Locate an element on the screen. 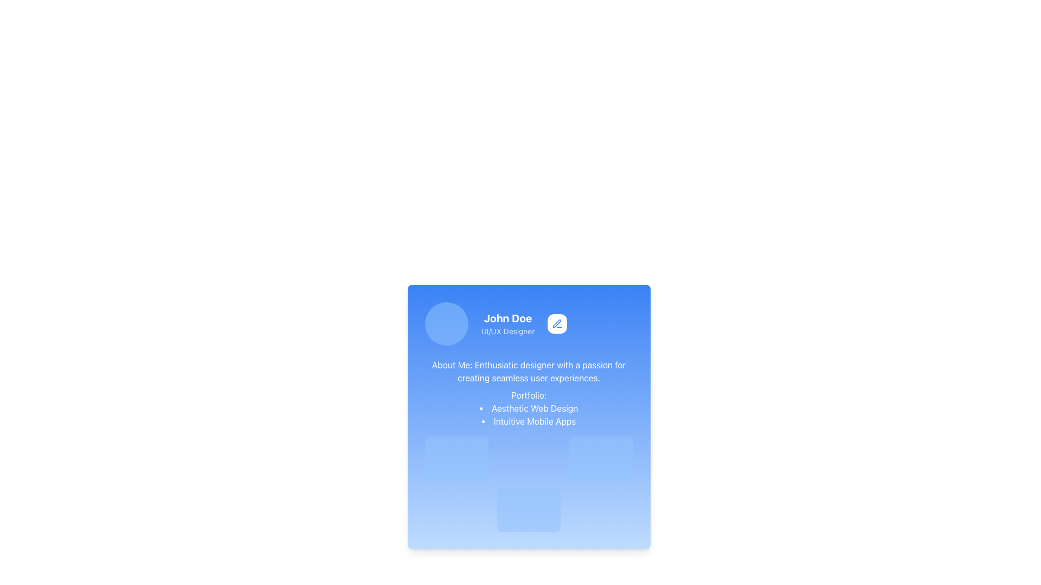 Image resolution: width=1041 pixels, height=585 pixels. the circular profile placeholder is located at coordinates (529, 323).